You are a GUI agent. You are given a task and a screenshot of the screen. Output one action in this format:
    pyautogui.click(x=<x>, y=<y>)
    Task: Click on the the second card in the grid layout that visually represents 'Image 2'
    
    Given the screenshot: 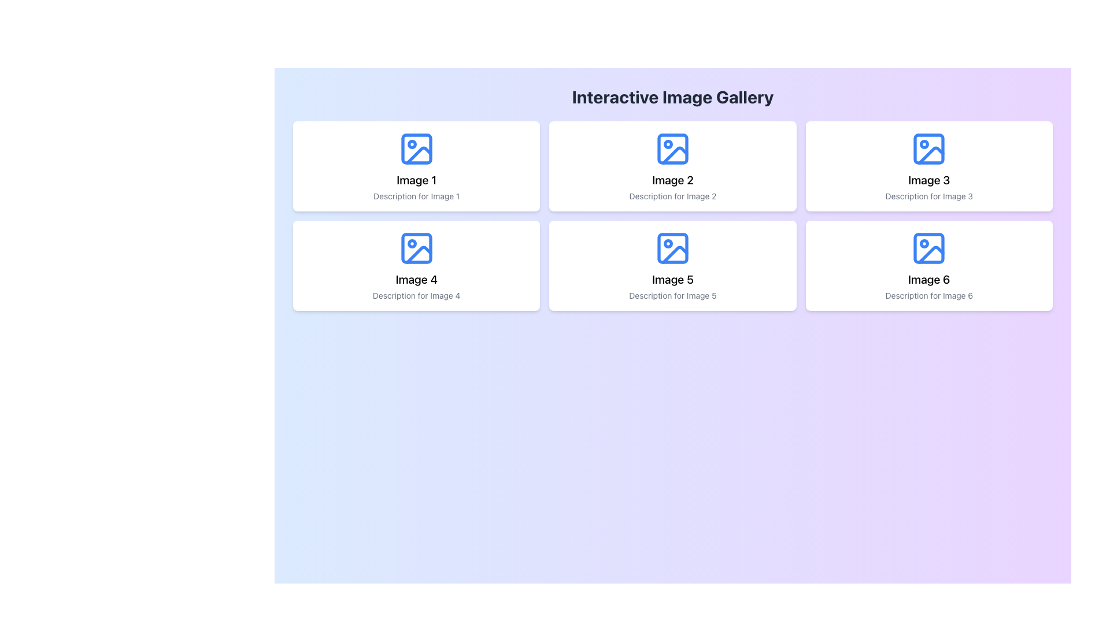 What is the action you would take?
    pyautogui.click(x=672, y=166)
    